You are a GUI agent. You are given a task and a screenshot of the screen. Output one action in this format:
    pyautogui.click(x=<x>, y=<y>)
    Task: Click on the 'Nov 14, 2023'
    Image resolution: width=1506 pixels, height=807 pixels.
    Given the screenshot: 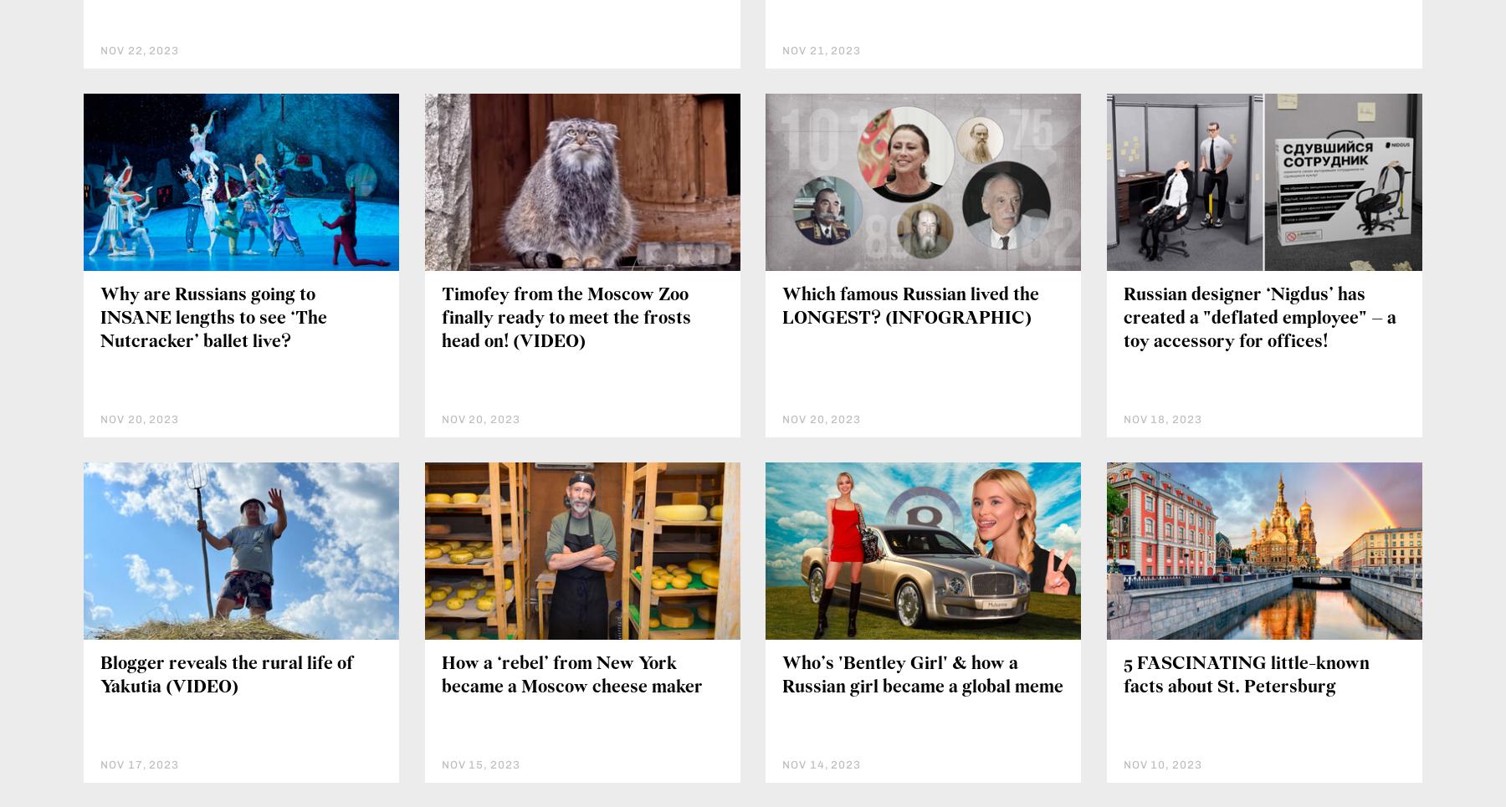 What is the action you would take?
    pyautogui.click(x=821, y=763)
    